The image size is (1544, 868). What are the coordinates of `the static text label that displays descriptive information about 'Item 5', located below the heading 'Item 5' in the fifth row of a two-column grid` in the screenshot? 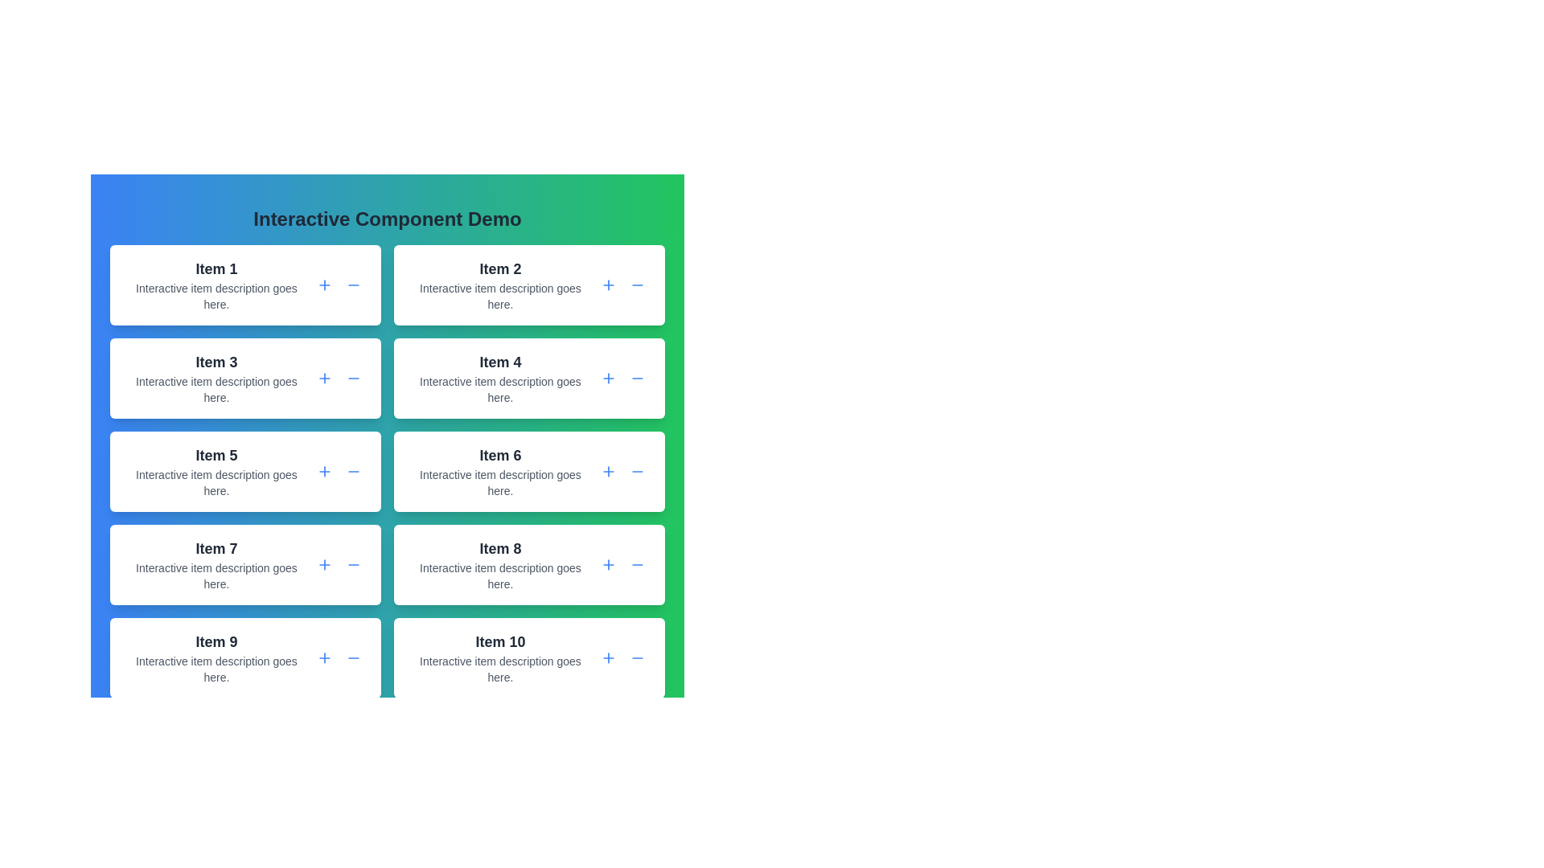 It's located at (216, 482).